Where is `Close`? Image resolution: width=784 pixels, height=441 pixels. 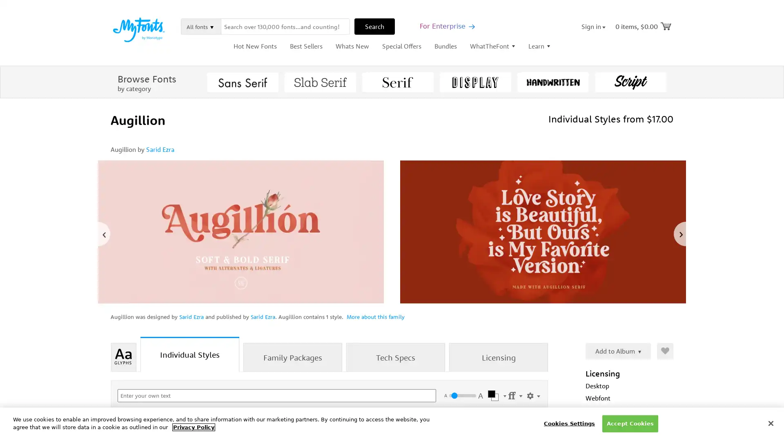
Close is located at coordinates (770, 423).